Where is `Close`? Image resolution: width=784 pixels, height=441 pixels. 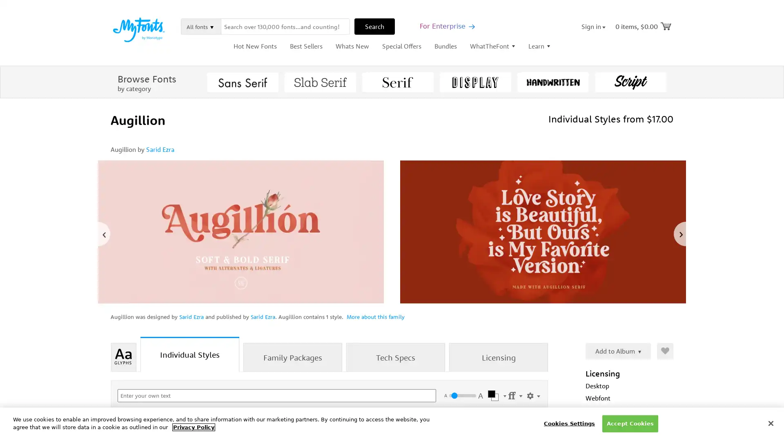
Close is located at coordinates (770, 423).